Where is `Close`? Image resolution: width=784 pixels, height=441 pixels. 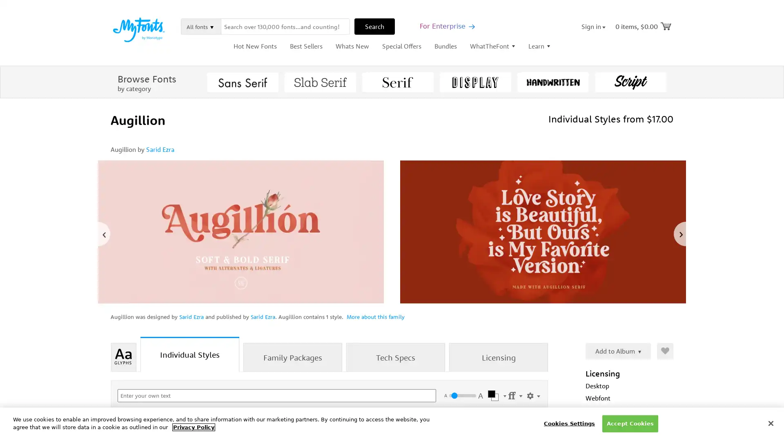
Close is located at coordinates (770, 423).